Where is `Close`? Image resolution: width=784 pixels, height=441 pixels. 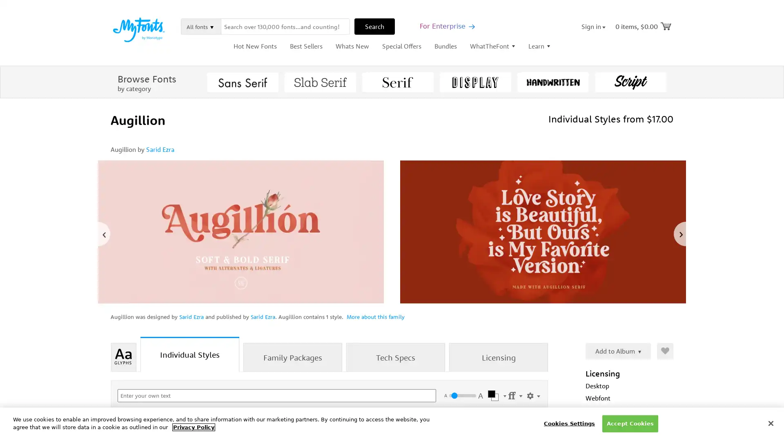
Close is located at coordinates (770, 423).